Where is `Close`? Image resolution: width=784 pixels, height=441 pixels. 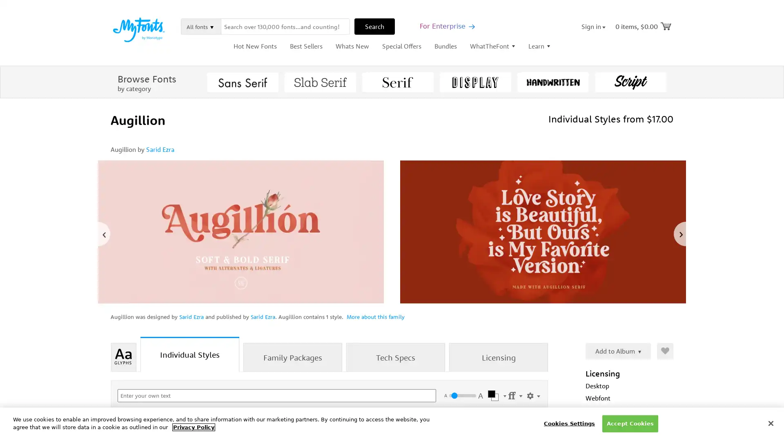
Close is located at coordinates (770, 423).